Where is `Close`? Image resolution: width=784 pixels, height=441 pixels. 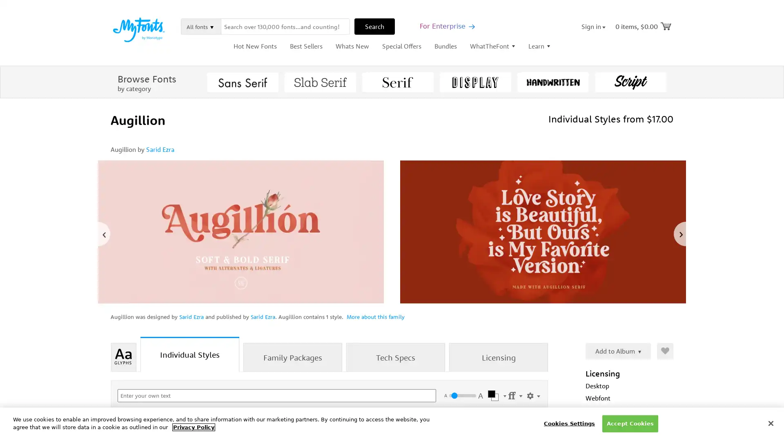
Close is located at coordinates (770, 423).